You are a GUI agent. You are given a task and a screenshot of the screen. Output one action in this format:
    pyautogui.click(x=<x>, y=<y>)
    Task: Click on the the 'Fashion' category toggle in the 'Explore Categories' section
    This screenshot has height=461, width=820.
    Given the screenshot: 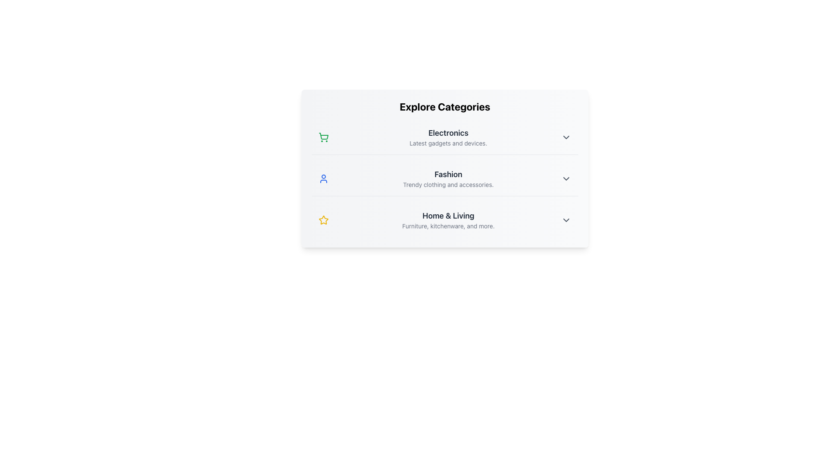 What is the action you would take?
    pyautogui.click(x=444, y=178)
    